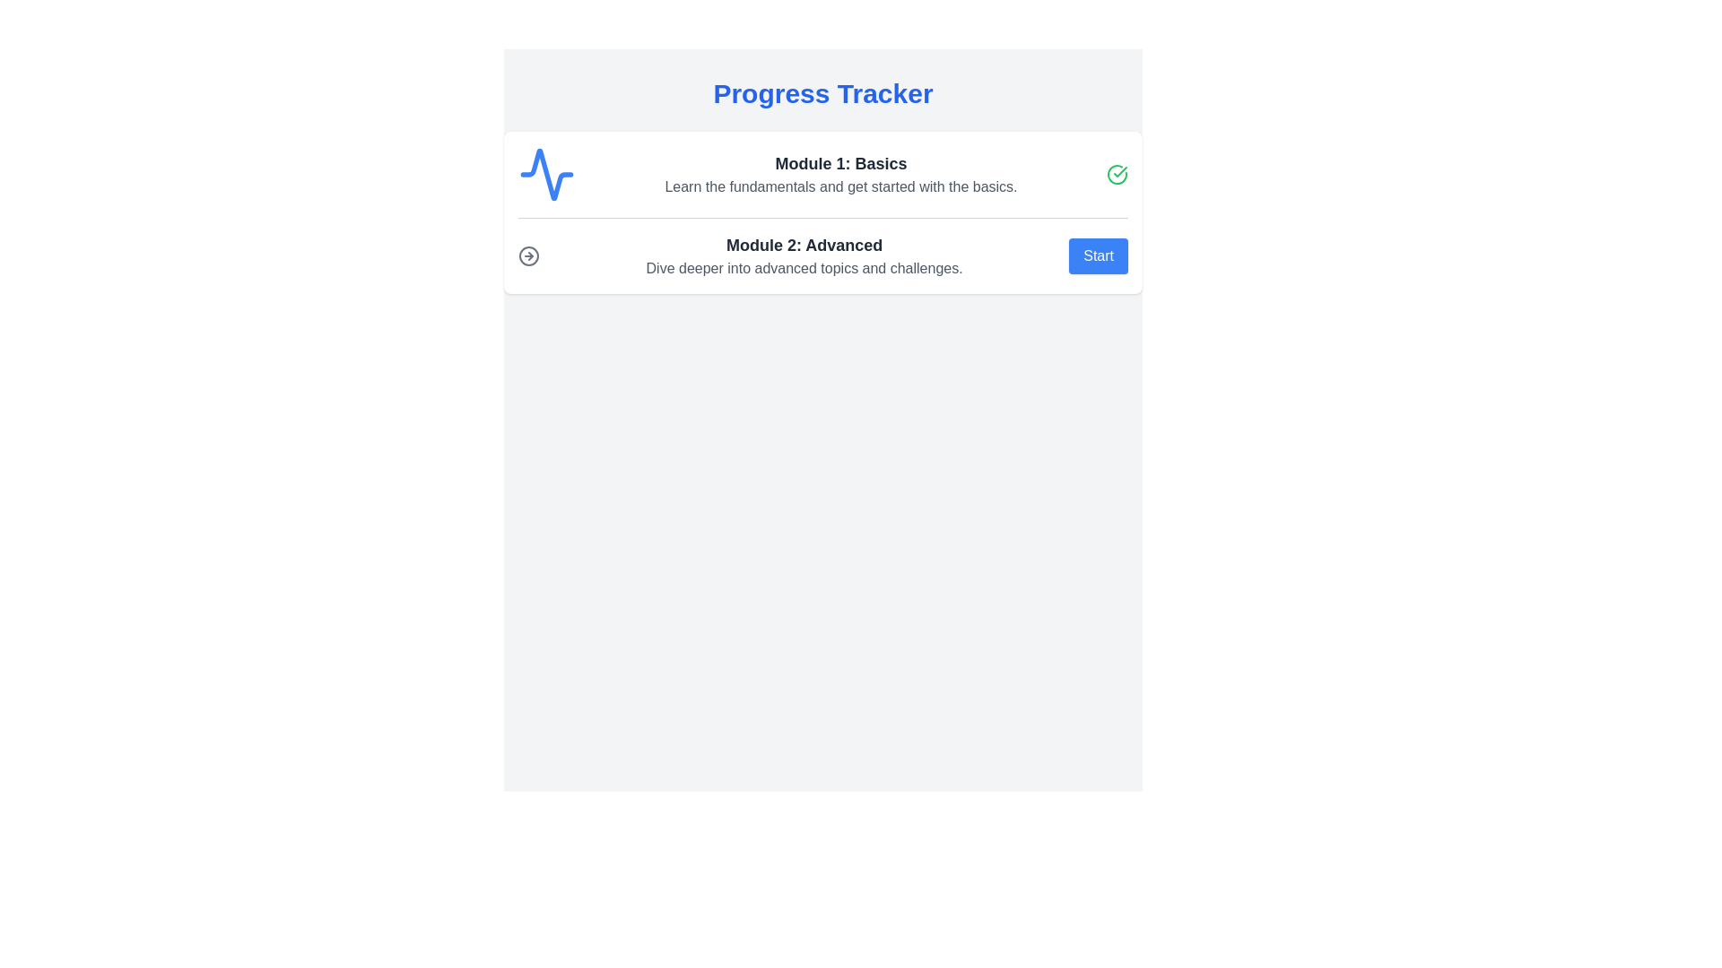 The image size is (1722, 968). What do you see at coordinates (528, 255) in the screenshot?
I see `the decorative or navigational icon located on the left side of the 'Module 2: Advanced' section, which is the first item in the row of elements for this module` at bounding box center [528, 255].